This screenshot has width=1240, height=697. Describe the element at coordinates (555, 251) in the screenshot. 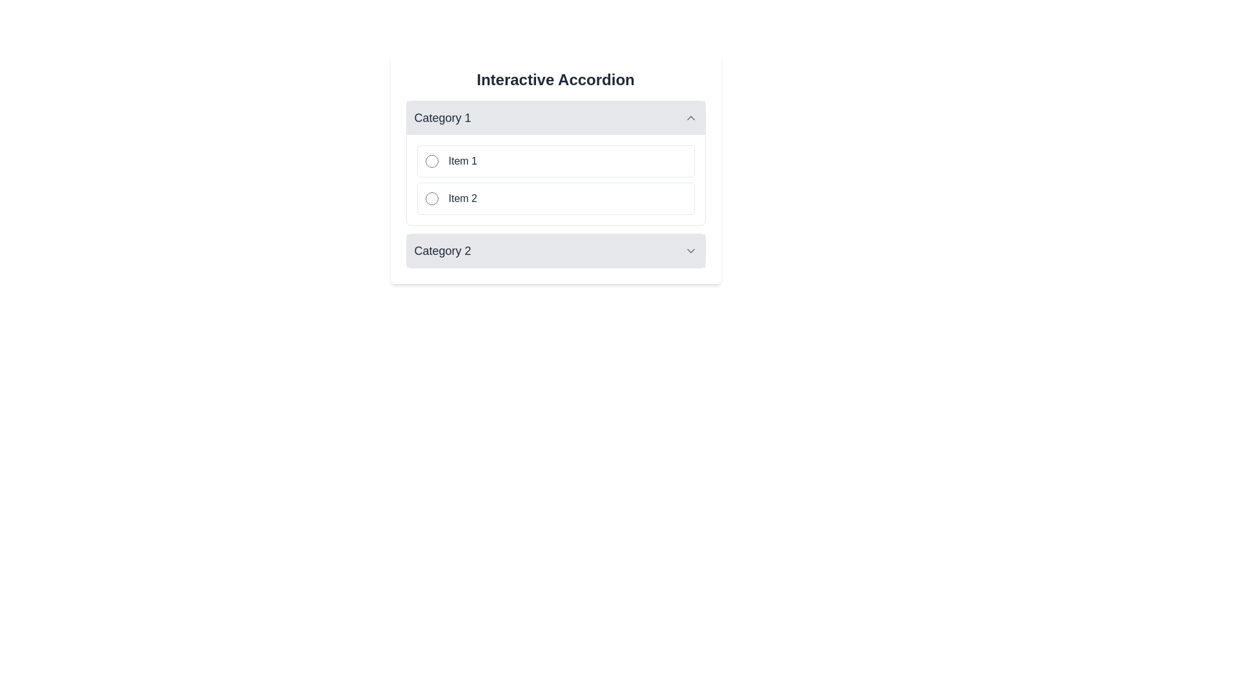

I see `the Accordion title bar labeled 'Category 2'` at that location.